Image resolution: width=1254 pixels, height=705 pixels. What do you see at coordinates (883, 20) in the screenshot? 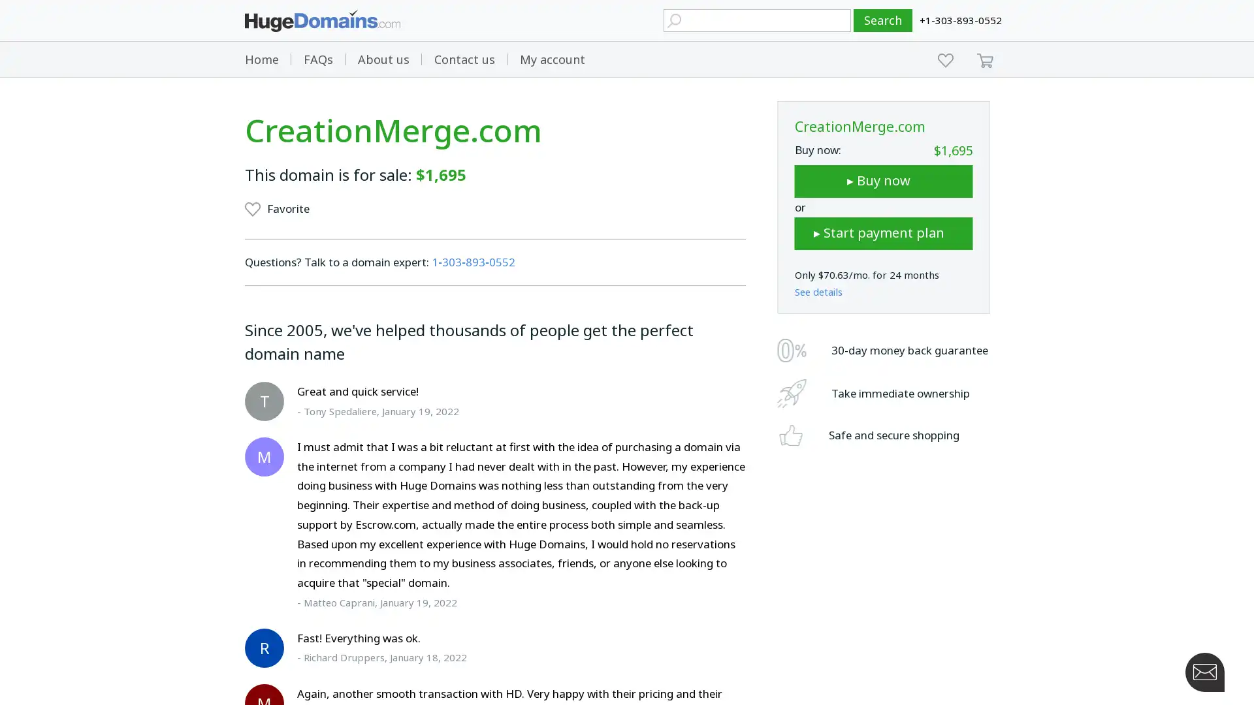
I see `Search` at bounding box center [883, 20].